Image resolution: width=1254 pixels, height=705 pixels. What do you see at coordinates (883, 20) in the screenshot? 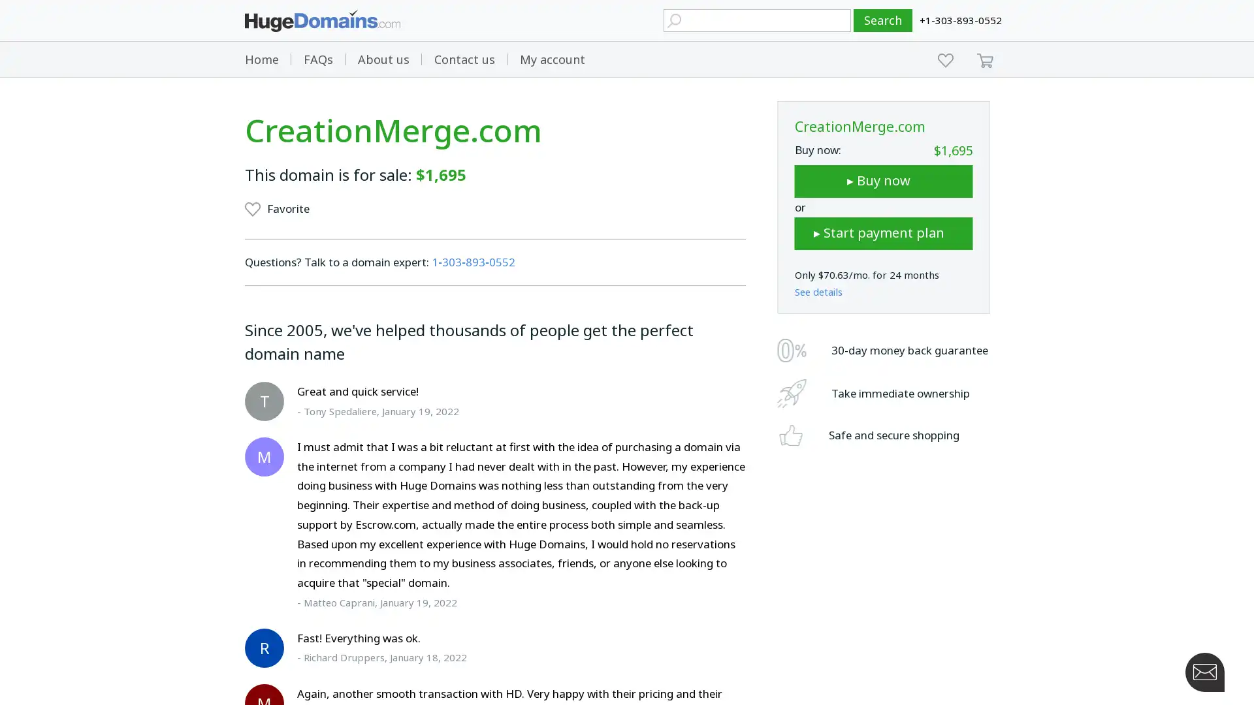
I see `Search` at bounding box center [883, 20].